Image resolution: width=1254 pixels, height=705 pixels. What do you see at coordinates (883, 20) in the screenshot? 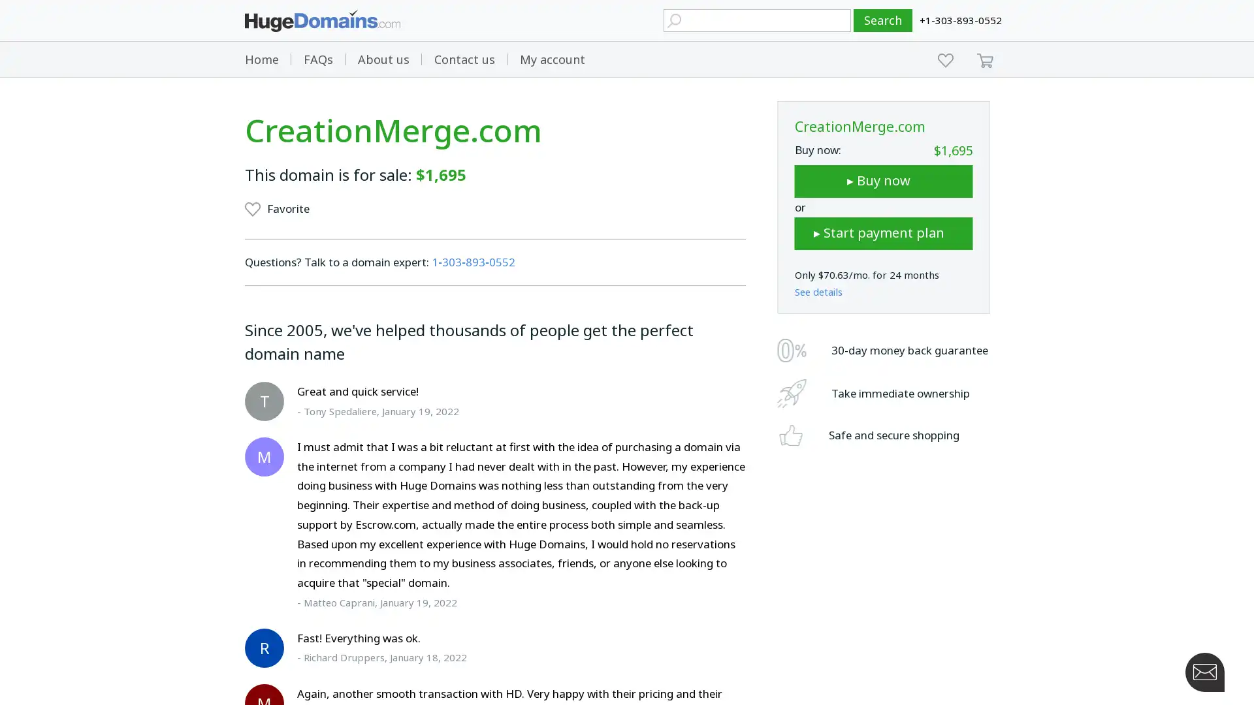
I see `Search` at bounding box center [883, 20].